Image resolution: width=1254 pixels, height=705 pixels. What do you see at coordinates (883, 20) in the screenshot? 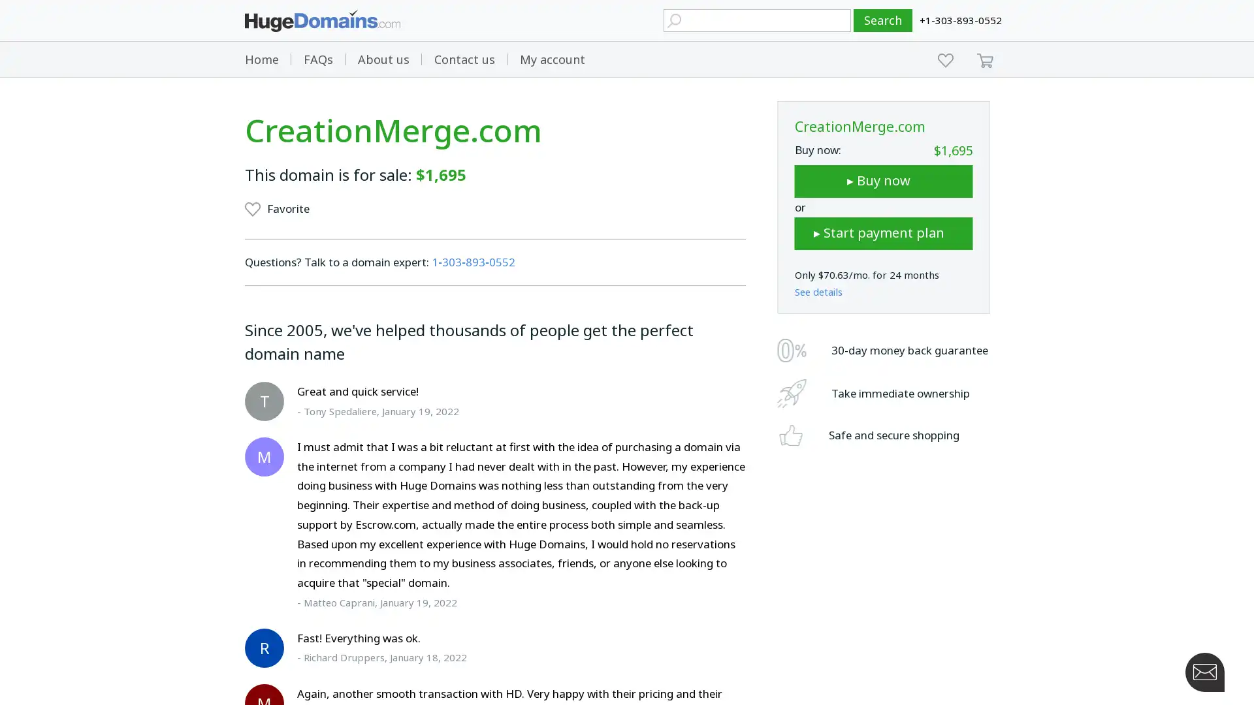
I see `Search` at bounding box center [883, 20].